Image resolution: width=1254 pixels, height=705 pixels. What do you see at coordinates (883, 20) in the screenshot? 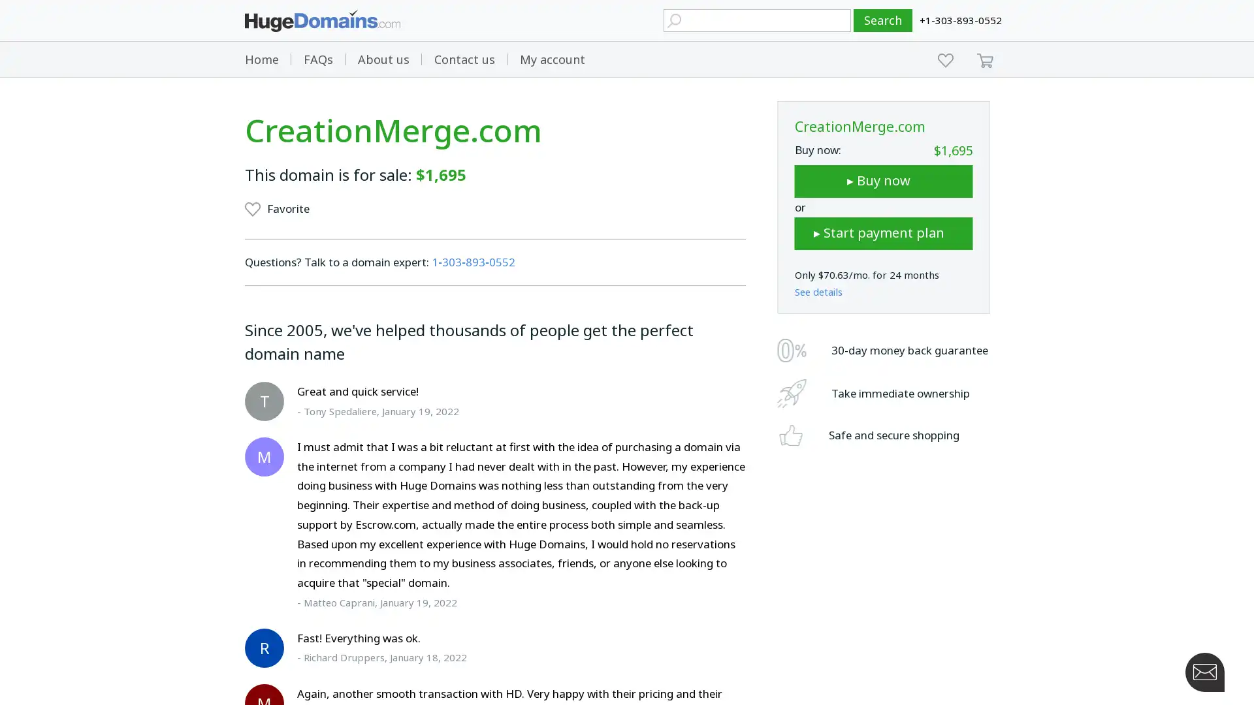
I see `Search` at bounding box center [883, 20].